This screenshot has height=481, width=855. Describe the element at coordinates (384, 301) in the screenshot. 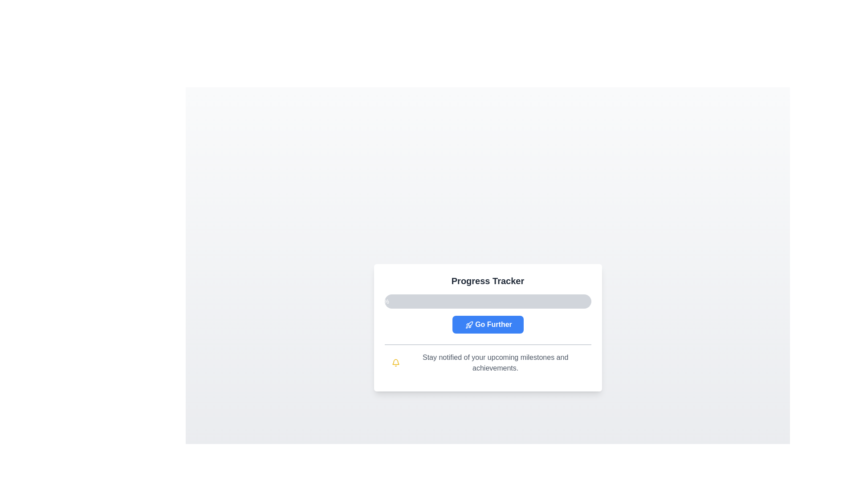

I see `the text element that displays the percentage progress within the progress bar of the 'Progress Tracker' card` at that location.